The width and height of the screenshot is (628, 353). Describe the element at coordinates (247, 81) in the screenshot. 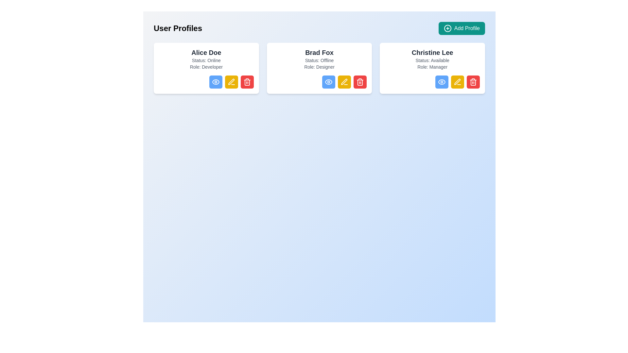

I see `the white trash can icon on the red circular background to initiate deletion, located at the rightmost position of the button group below Alice Doe's profile card` at that location.